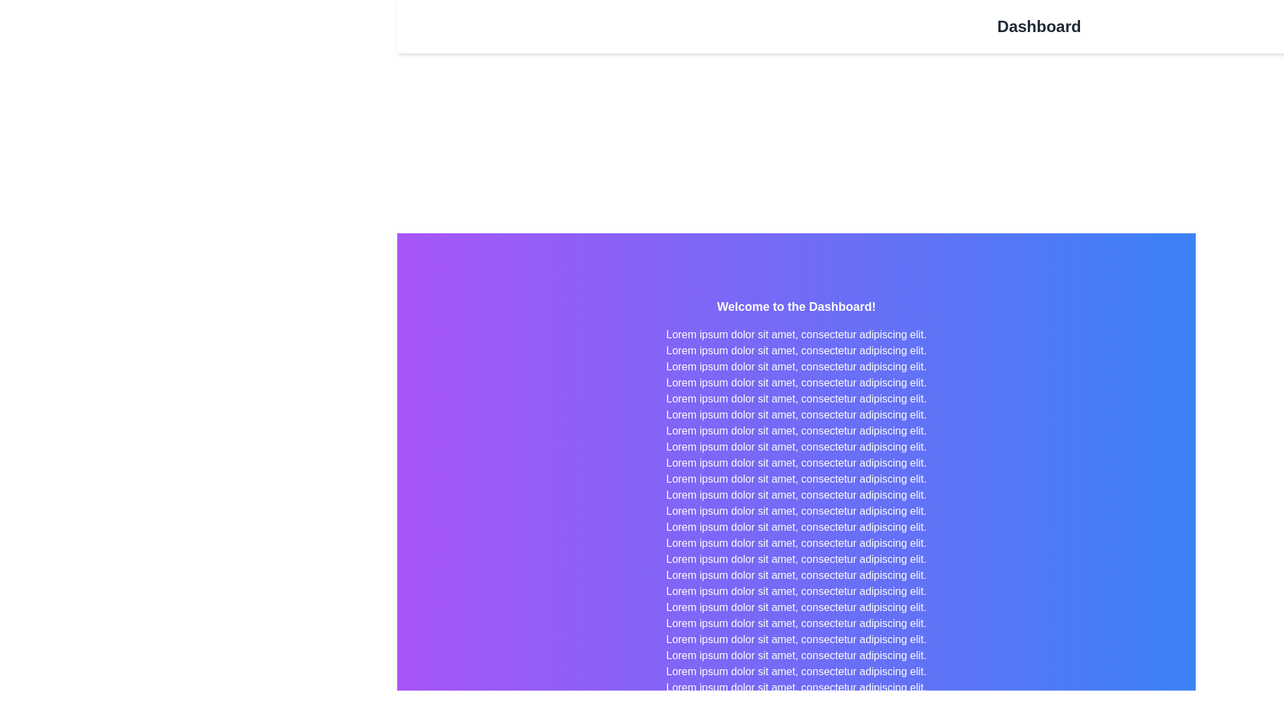 This screenshot has height=722, width=1284. What do you see at coordinates (796, 638) in the screenshot?
I see `the text element displaying 'Lorem ipsum dolor sit amet, consectetur adipiscing elit.' which is the 22nd item in a vertical list, located slightly below the vertical center of the page` at bounding box center [796, 638].